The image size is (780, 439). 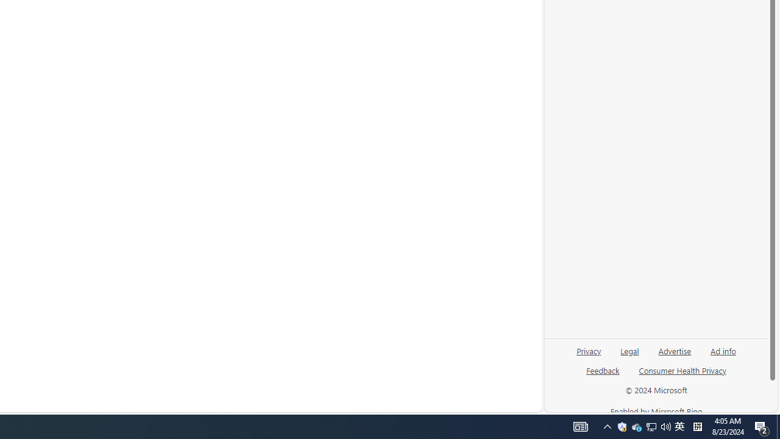 I want to click on 'Privacy', so click(x=589, y=355).